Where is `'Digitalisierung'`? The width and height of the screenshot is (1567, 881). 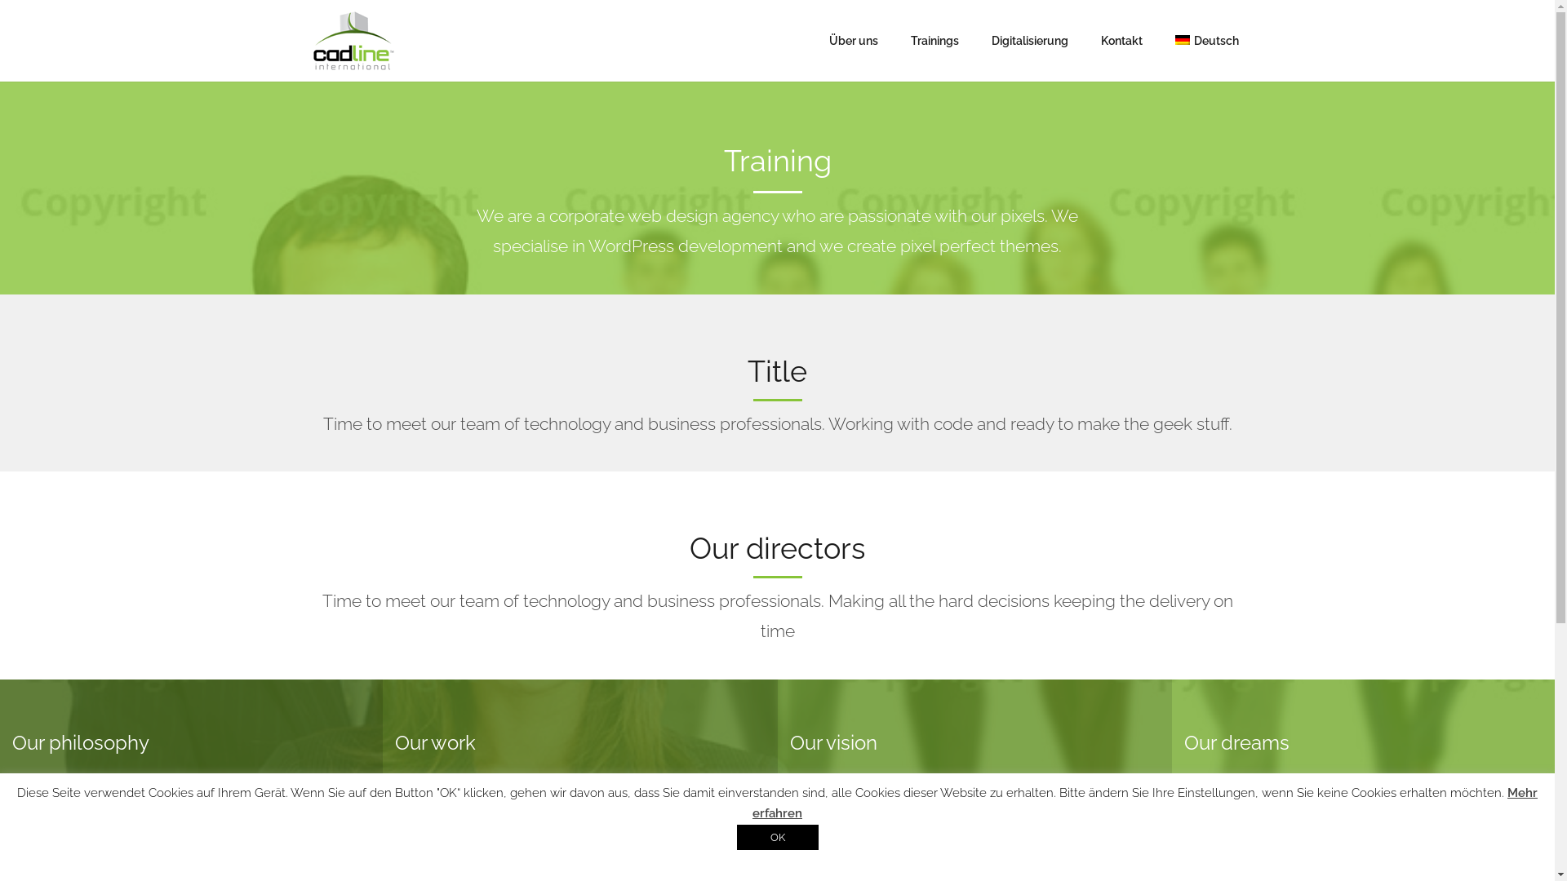
'Digitalisierung' is located at coordinates (1029, 40).